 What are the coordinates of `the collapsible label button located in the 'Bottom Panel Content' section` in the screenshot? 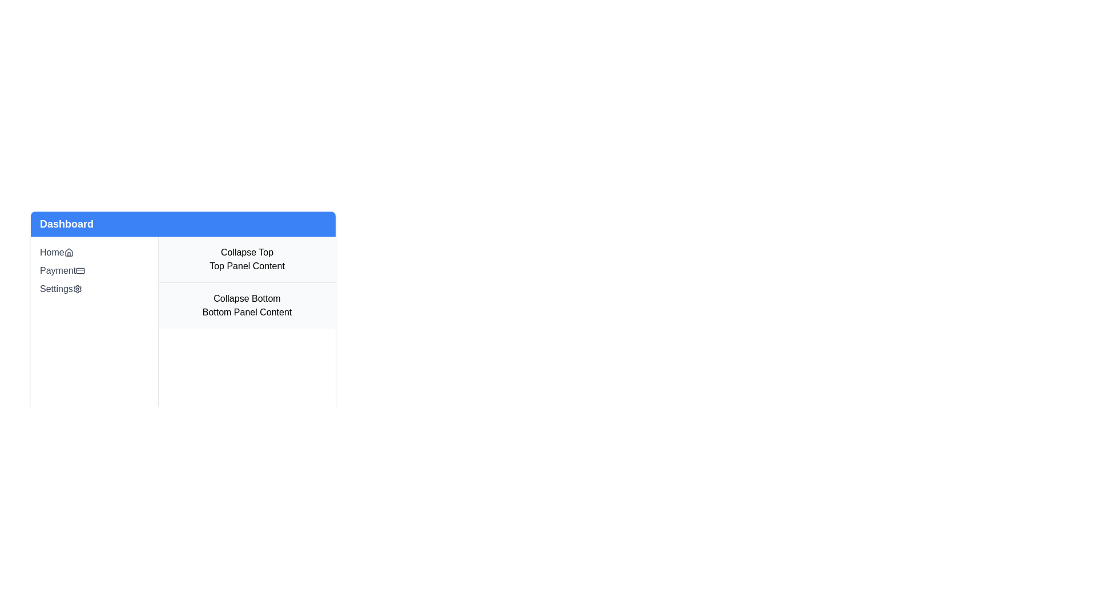 It's located at (246, 298).